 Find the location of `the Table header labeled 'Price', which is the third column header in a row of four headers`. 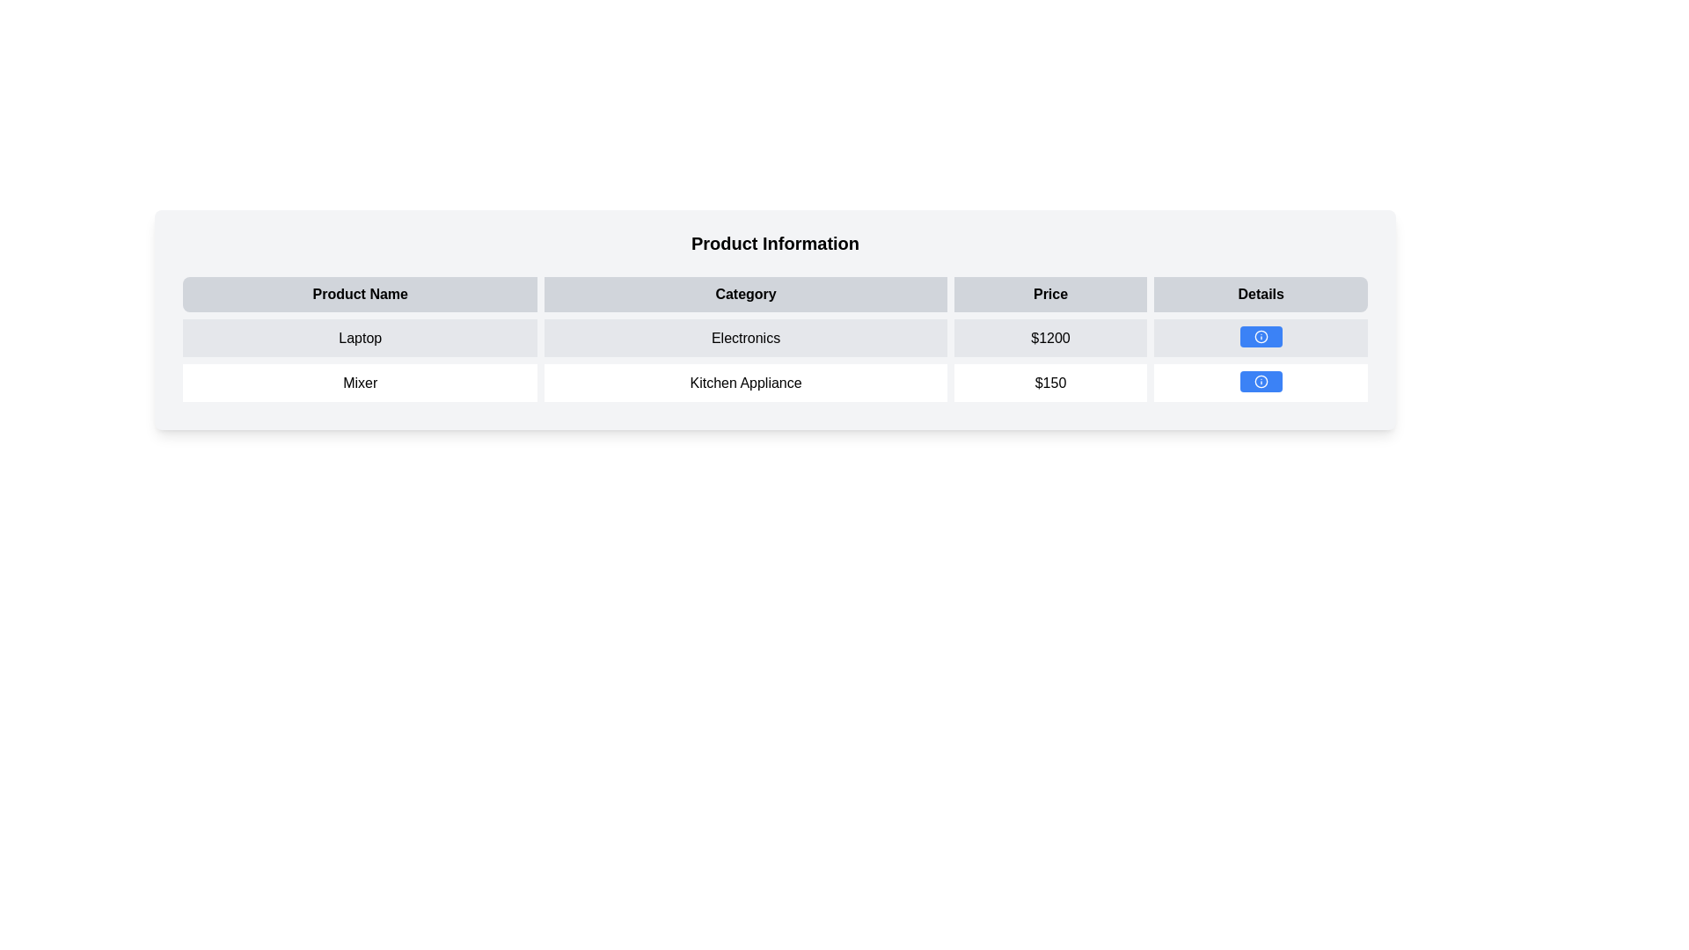

the Table header labeled 'Price', which is the third column header in a row of four headers is located at coordinates (1050, 294).